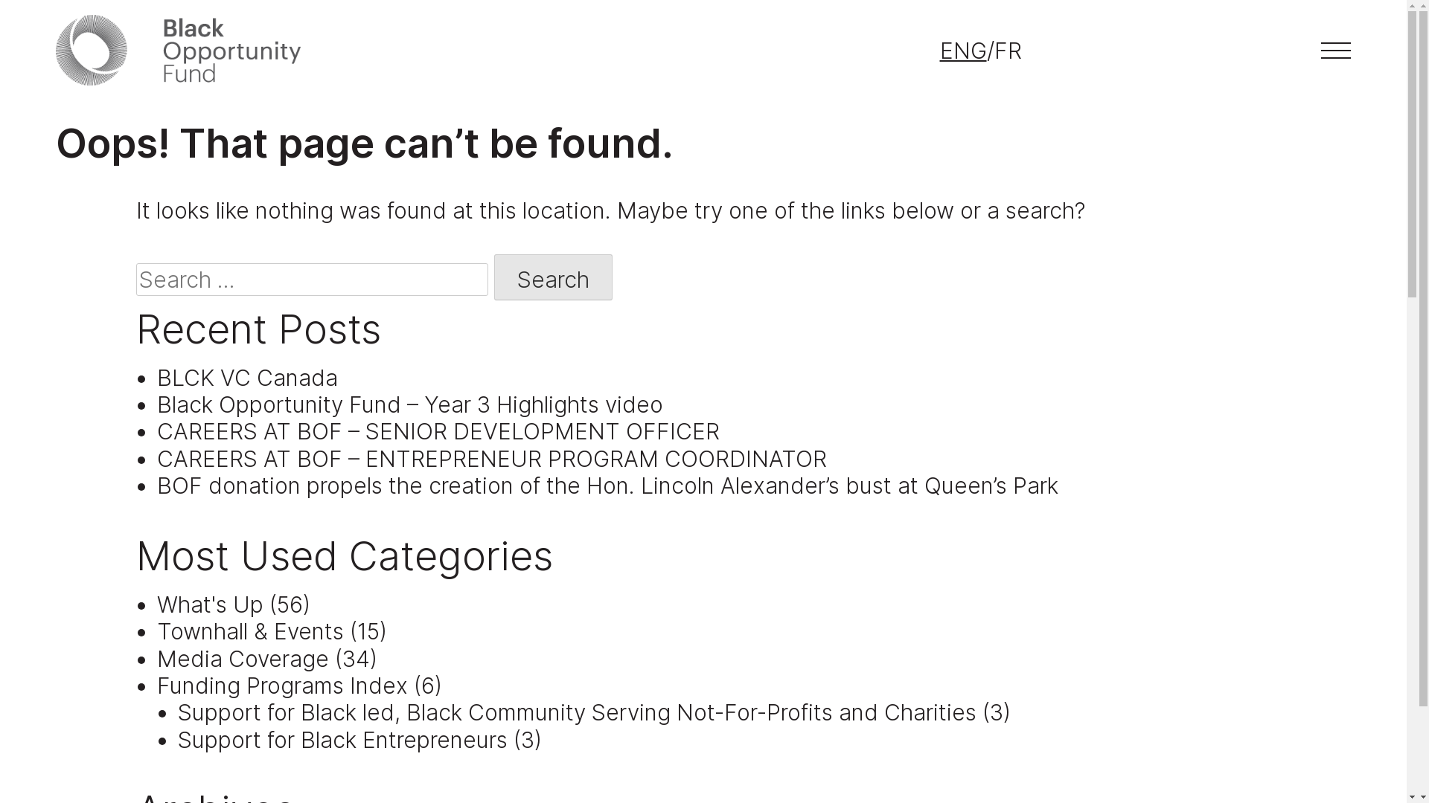 The width and height of the screenshot is (1429, 803). What do you see at coordinates (282, 685) in the screenshot?
I see `'Funding Programs Index'` at bounding box center [282, 685].